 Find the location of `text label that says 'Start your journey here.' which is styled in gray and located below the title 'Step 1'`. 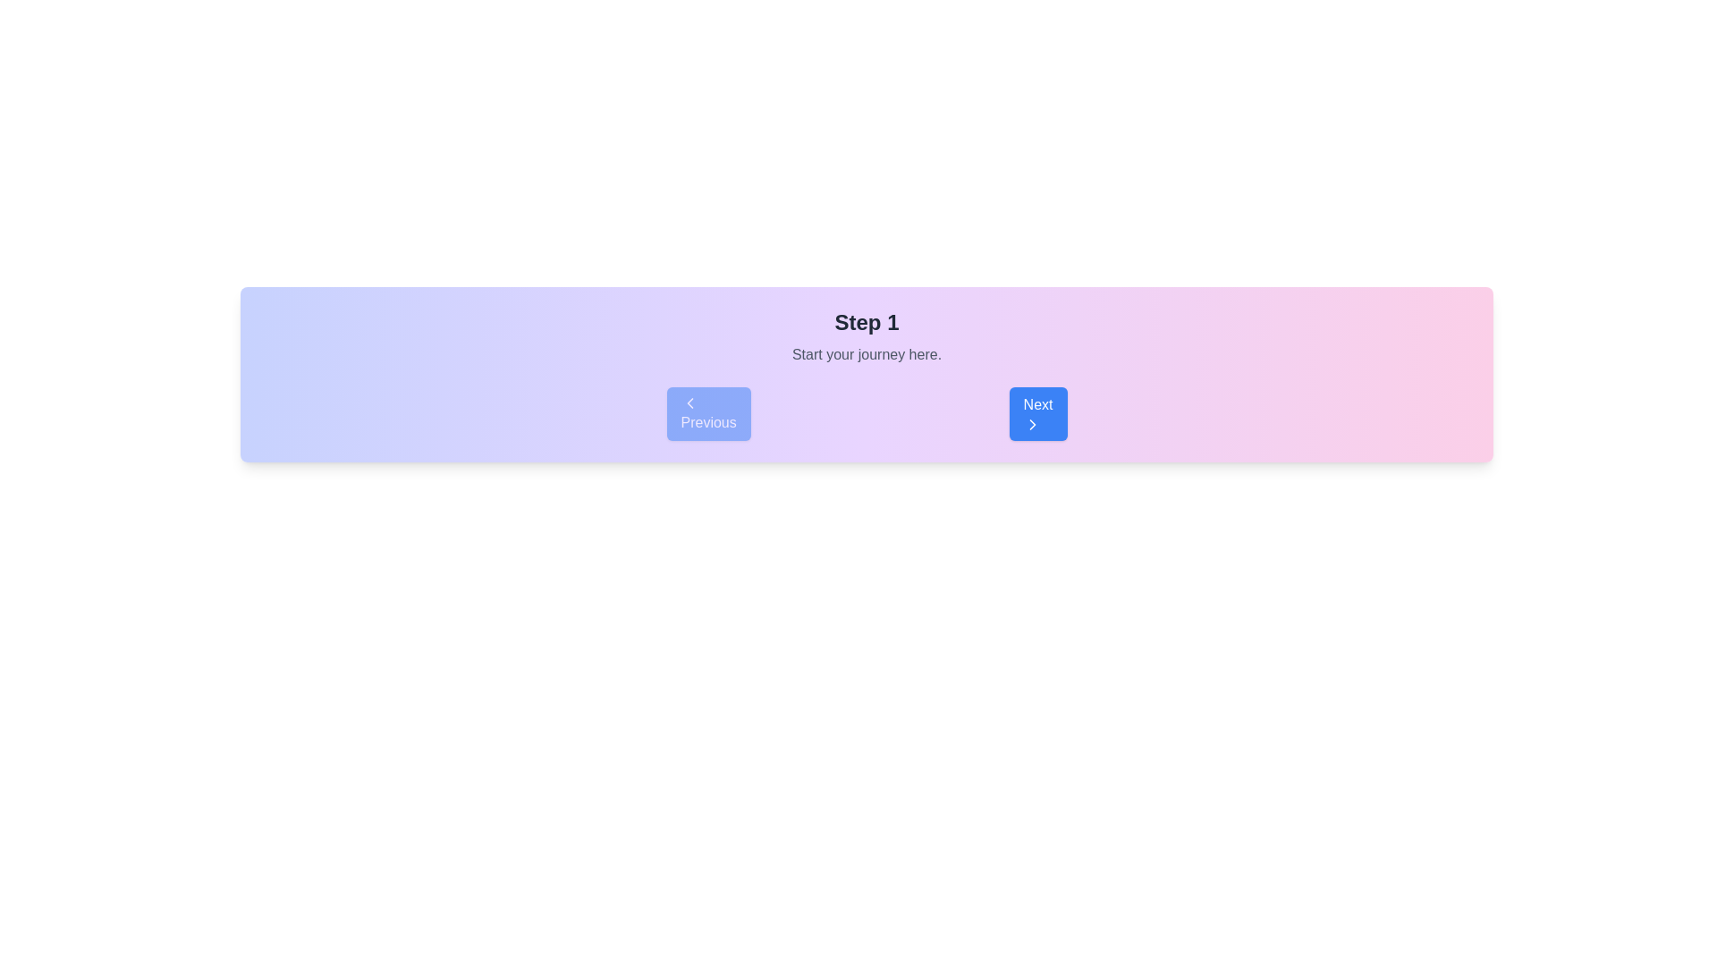

text label that says 'Start your journey here.' which is styled in gray and located below the title 'Step 1' is located at coordinates (867, 355).